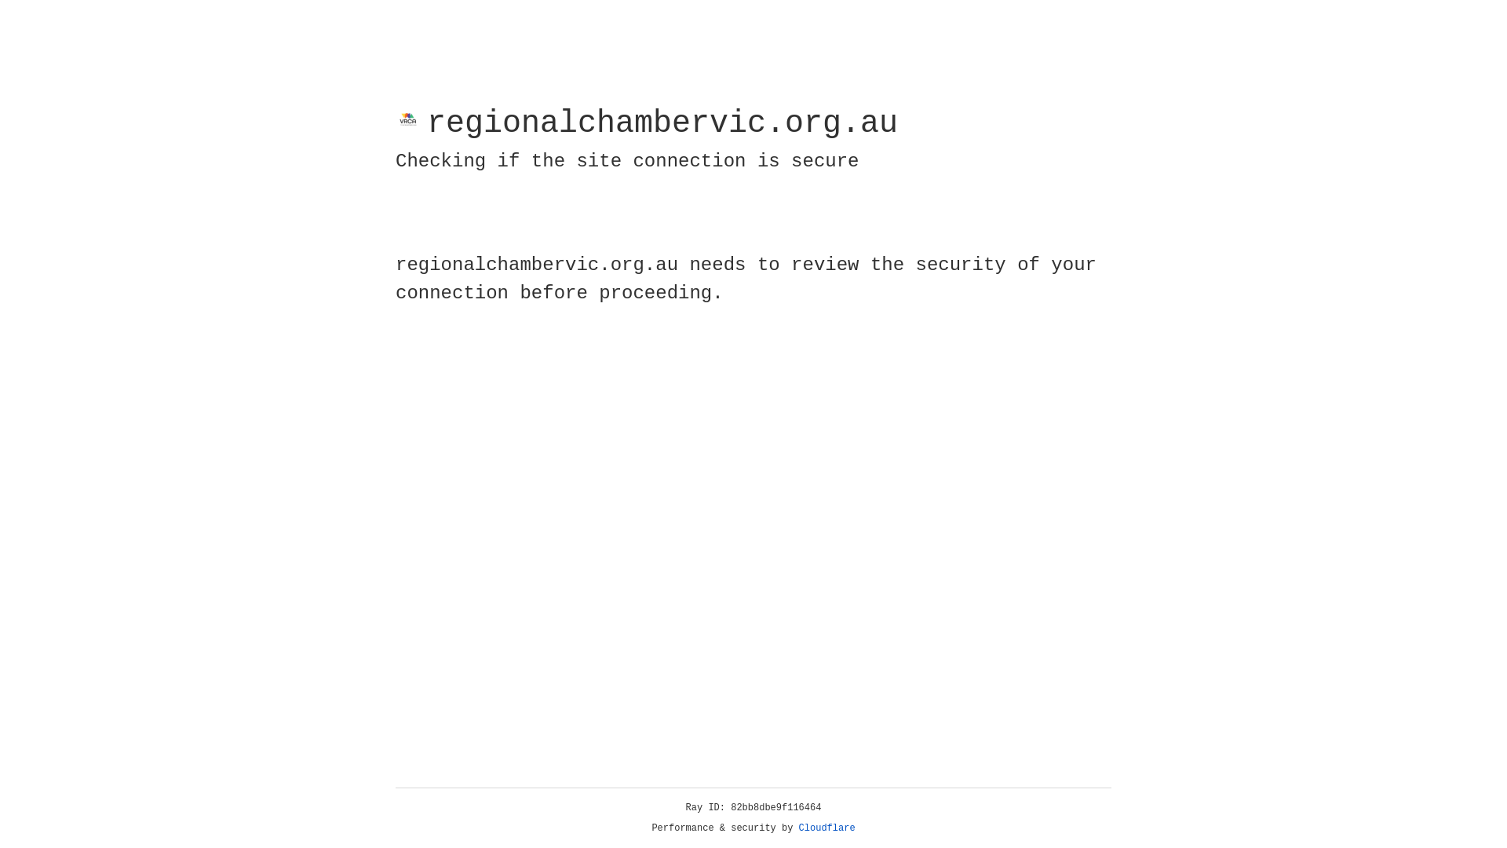 This screenshot has height=848, width=1507. What do you see at coordinates (826, 828) in the screenshot?
I see `'Cloudflare'` at bounding box center [826, 828].